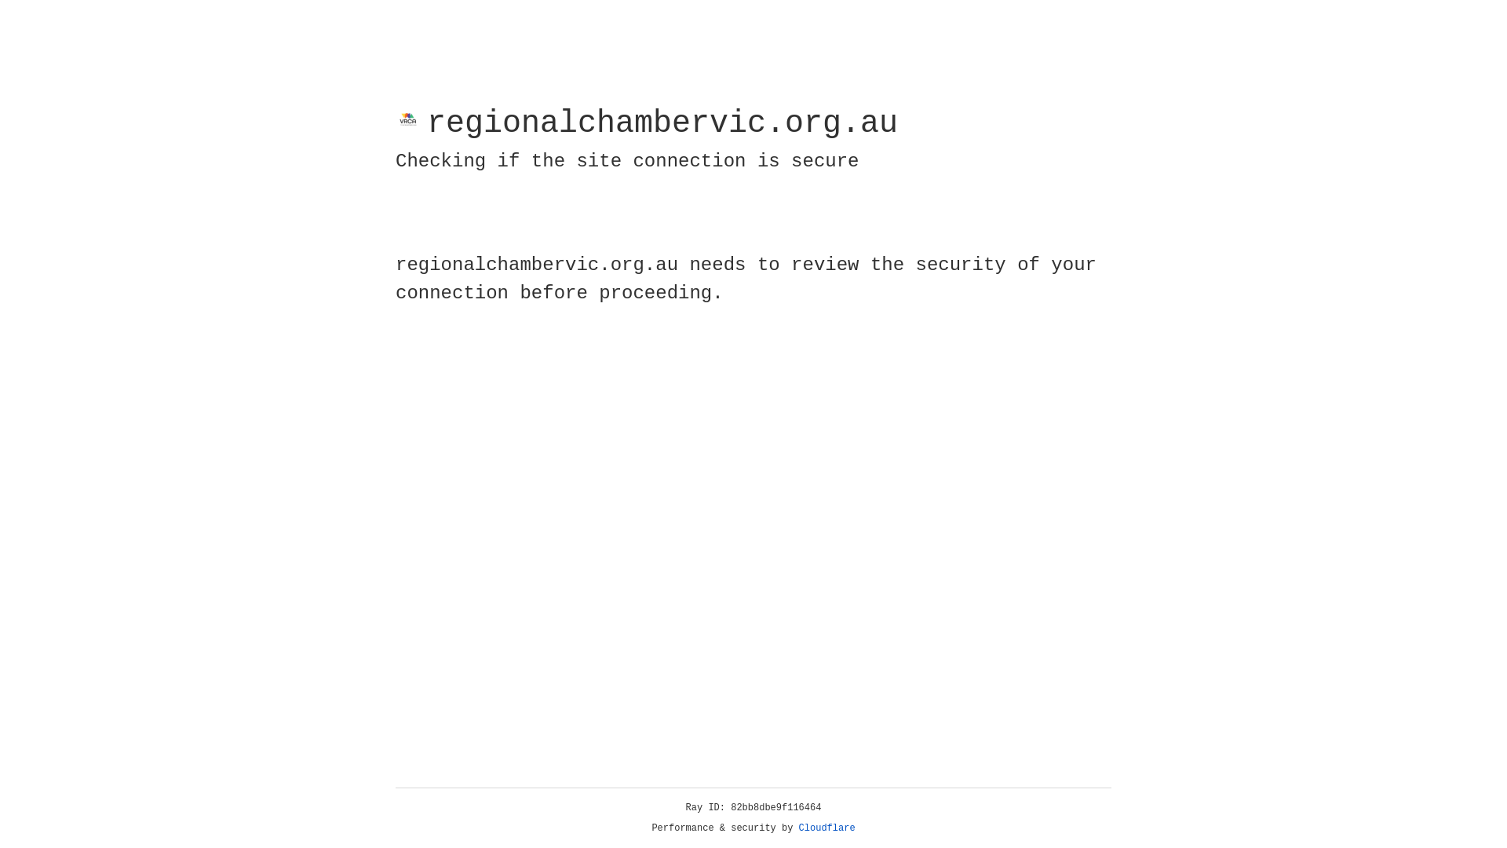 This screenshot has height=848, width=1507. What do you see at coordinates (826, 828) in the screenshot?
I see `'Cloudflare'` at bounding box center [826, 828].